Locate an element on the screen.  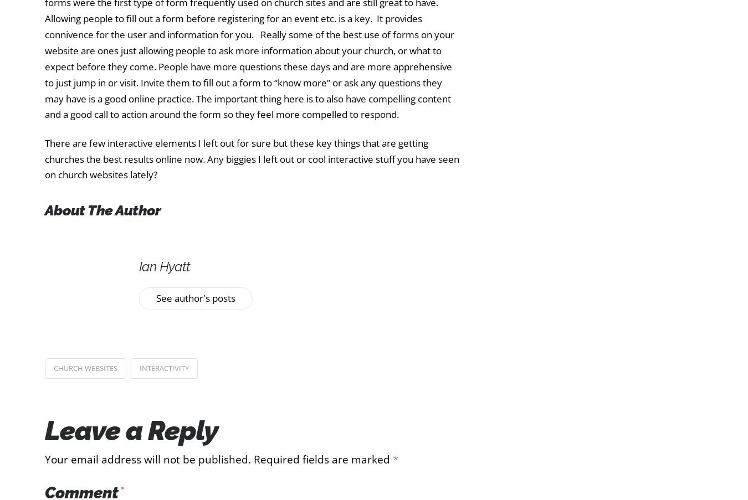
'*' is located at coordinates (392, 458).